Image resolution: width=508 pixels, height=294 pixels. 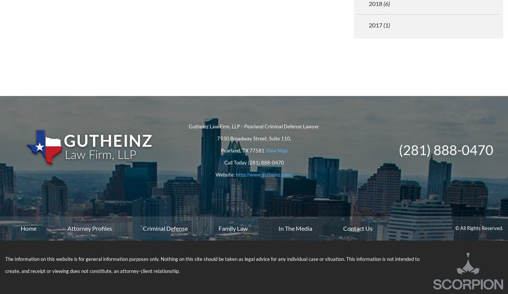 What do you see at coordinates (386, 24) in the screenshot?
I see `'(1)'` at bounding box center [386, 24].